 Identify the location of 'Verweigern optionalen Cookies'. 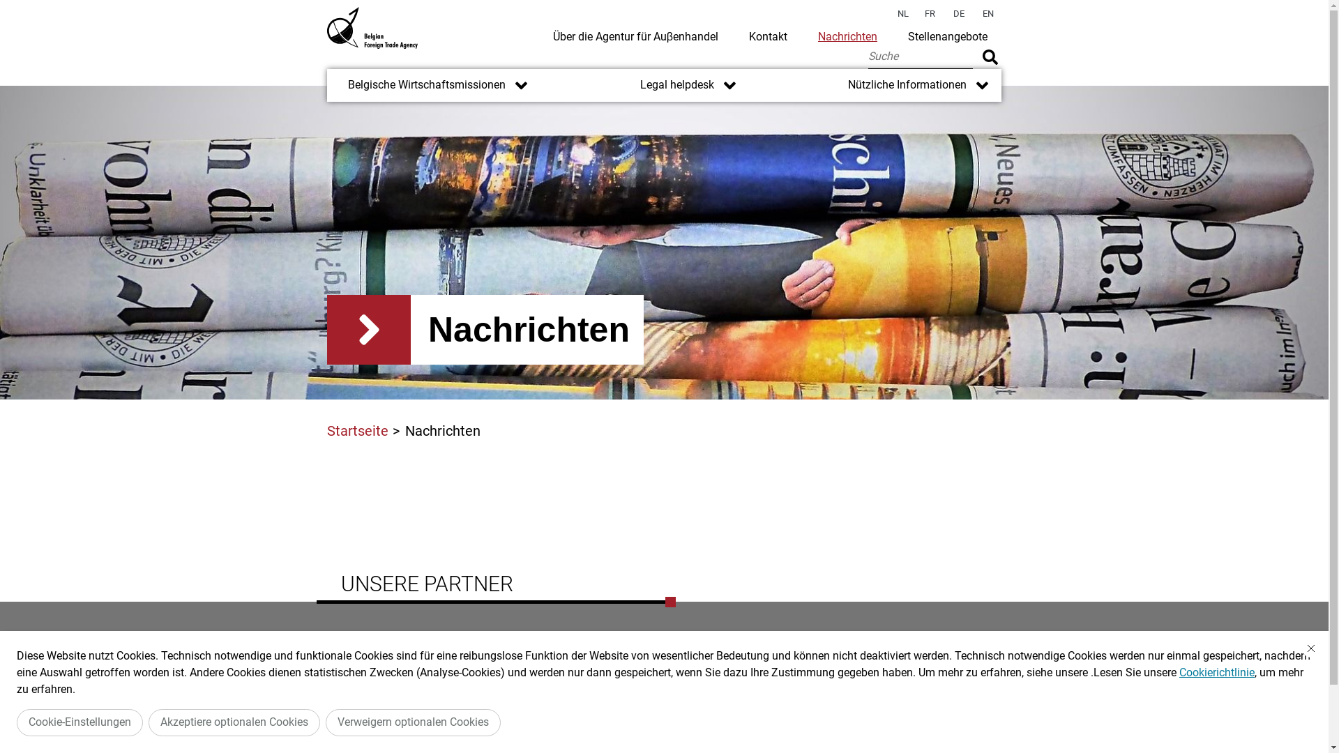
(412, 722).